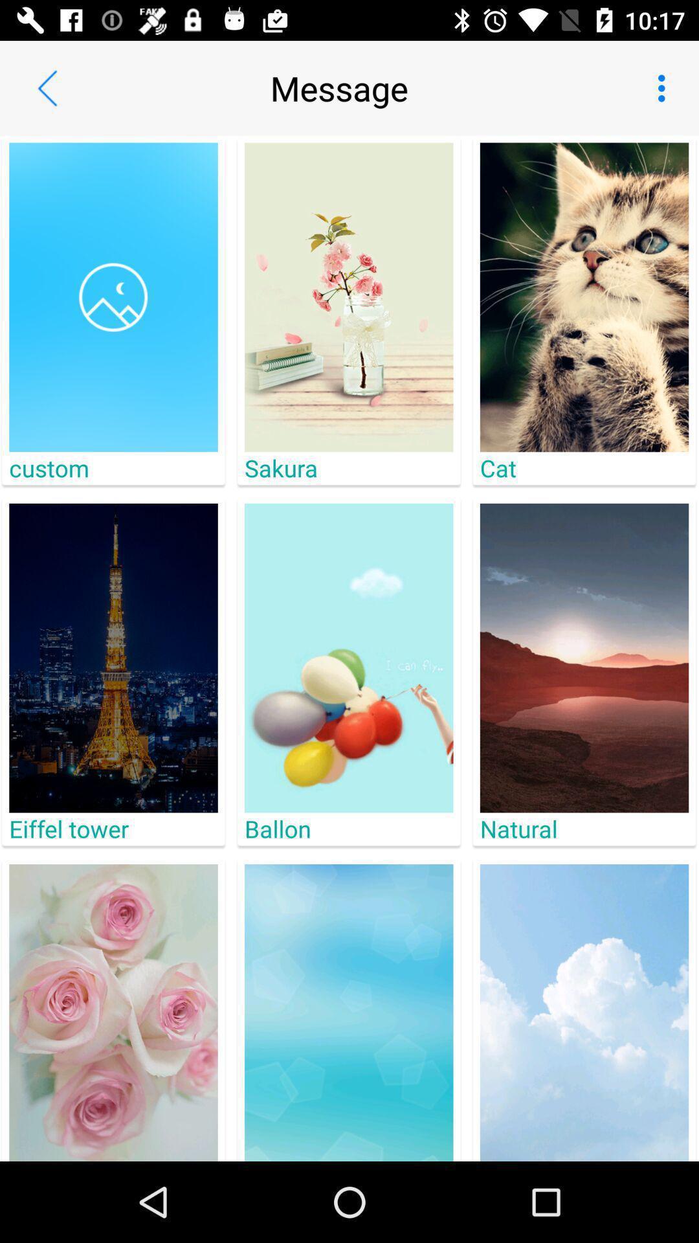 Image resolution: width=699 pixels, height=1243 pixels. What do you see at coordinates (113, 297) in the screenshot?
I see `the icon above the custom item` at bounding box center [113, 297].